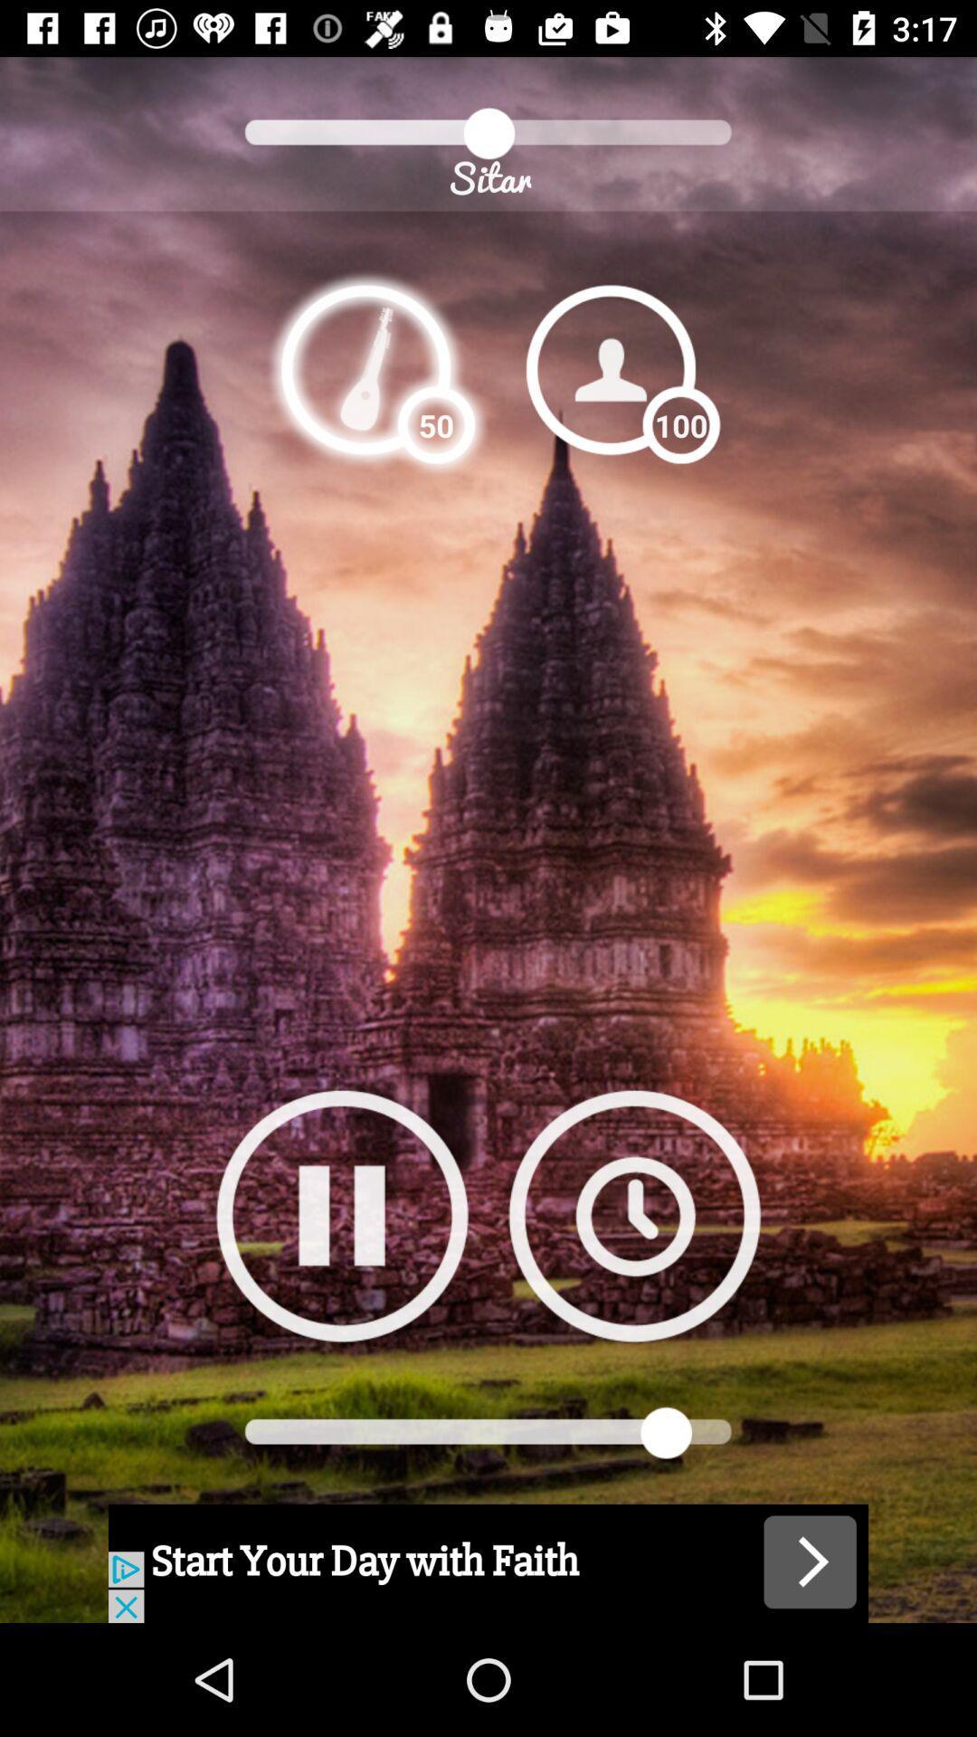 The width and height of the screenshot is (977, 1737). I want to click on clock, so click(633, 1215).